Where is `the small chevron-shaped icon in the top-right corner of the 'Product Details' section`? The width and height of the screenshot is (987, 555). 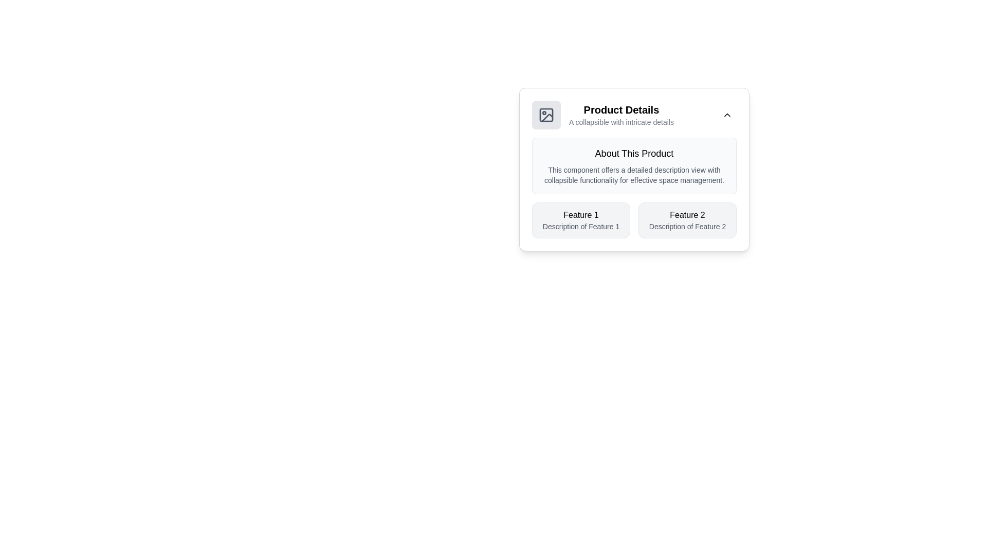 the small chevron-shaped icon in the top-right corner of the 'Product Details' section is located at coordinates (727, 115).